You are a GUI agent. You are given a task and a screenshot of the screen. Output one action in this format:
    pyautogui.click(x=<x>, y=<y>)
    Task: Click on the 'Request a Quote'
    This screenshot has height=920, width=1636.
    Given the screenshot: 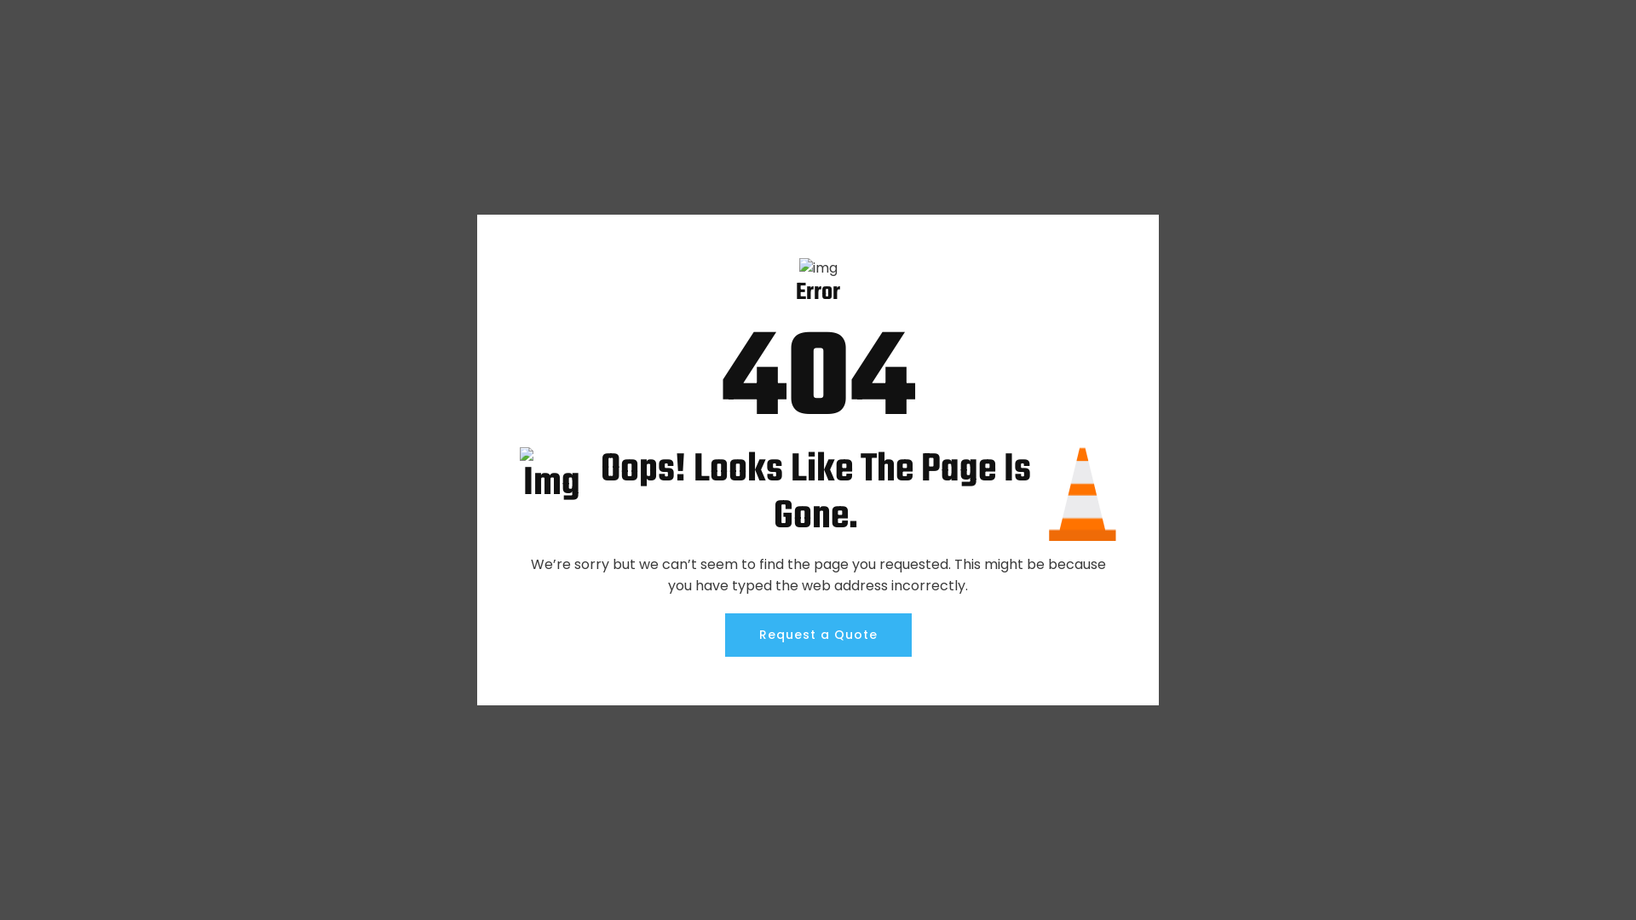 What is the action you would take?
    pyautogui.click(x=816, y=635)
    